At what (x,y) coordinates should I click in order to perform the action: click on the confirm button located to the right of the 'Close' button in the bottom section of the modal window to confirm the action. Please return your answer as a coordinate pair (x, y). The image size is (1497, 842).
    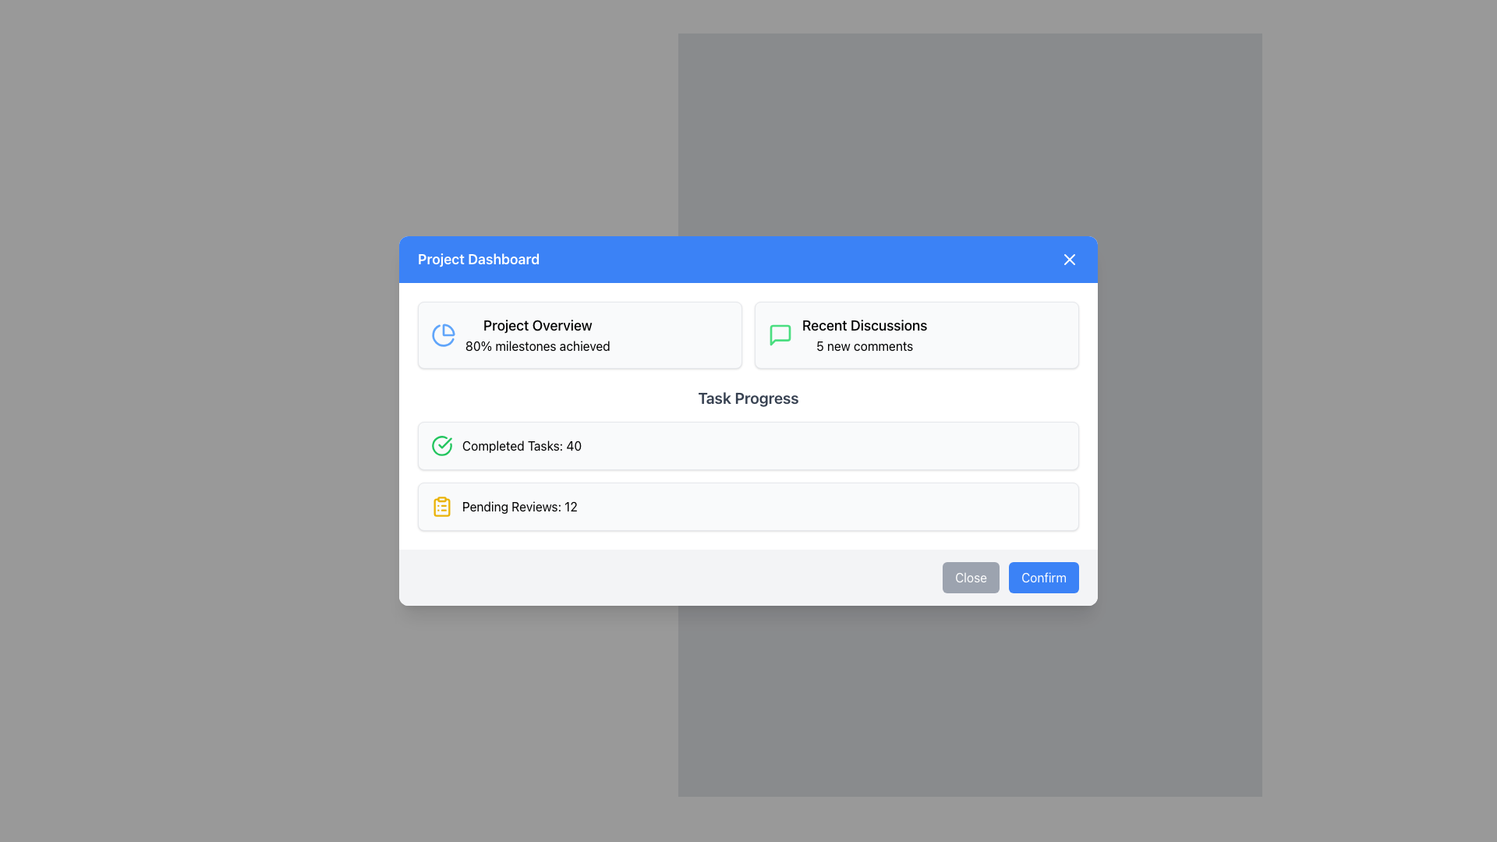
    Looking at the image, I should click on (1044, 577).